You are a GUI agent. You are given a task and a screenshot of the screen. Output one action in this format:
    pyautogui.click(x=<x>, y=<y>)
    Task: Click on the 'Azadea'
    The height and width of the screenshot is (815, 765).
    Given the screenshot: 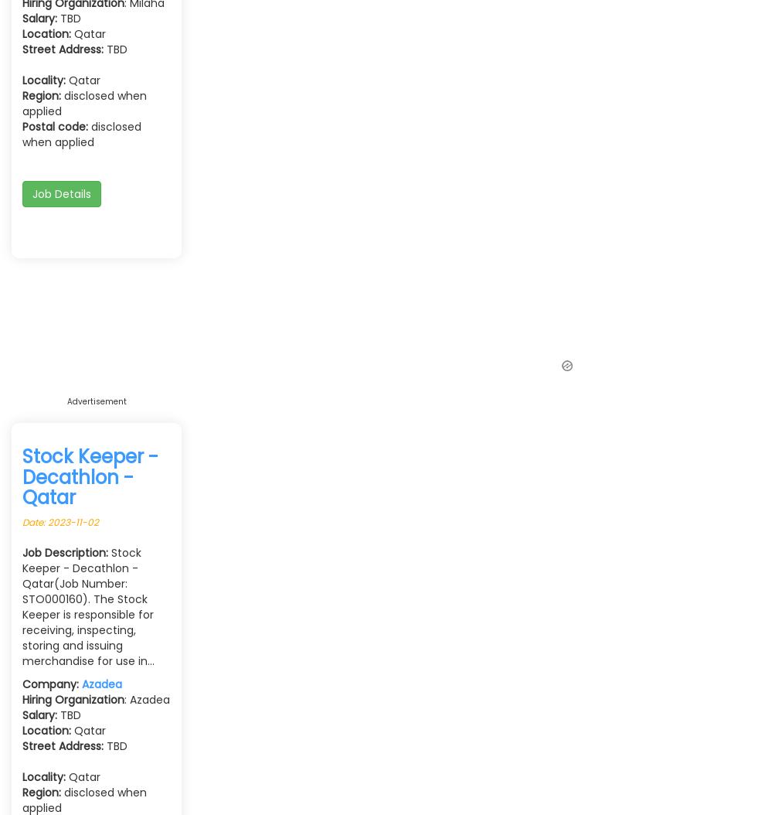 What is the action you would take?
    pyautogui.click(x=100, y=683)
    